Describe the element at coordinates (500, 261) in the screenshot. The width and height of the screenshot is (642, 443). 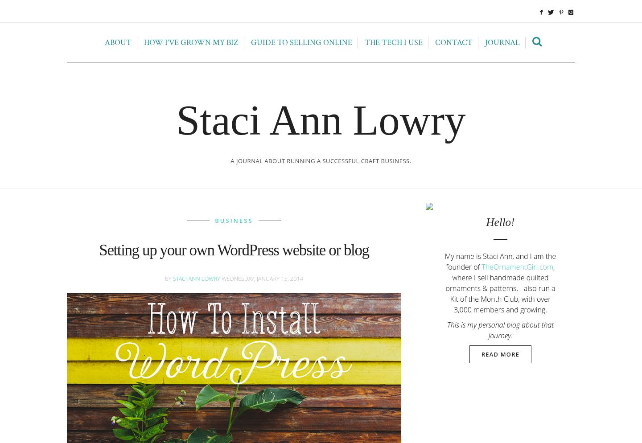
I see `'My name is Staci Ann, and I am the founder of'` at that location.